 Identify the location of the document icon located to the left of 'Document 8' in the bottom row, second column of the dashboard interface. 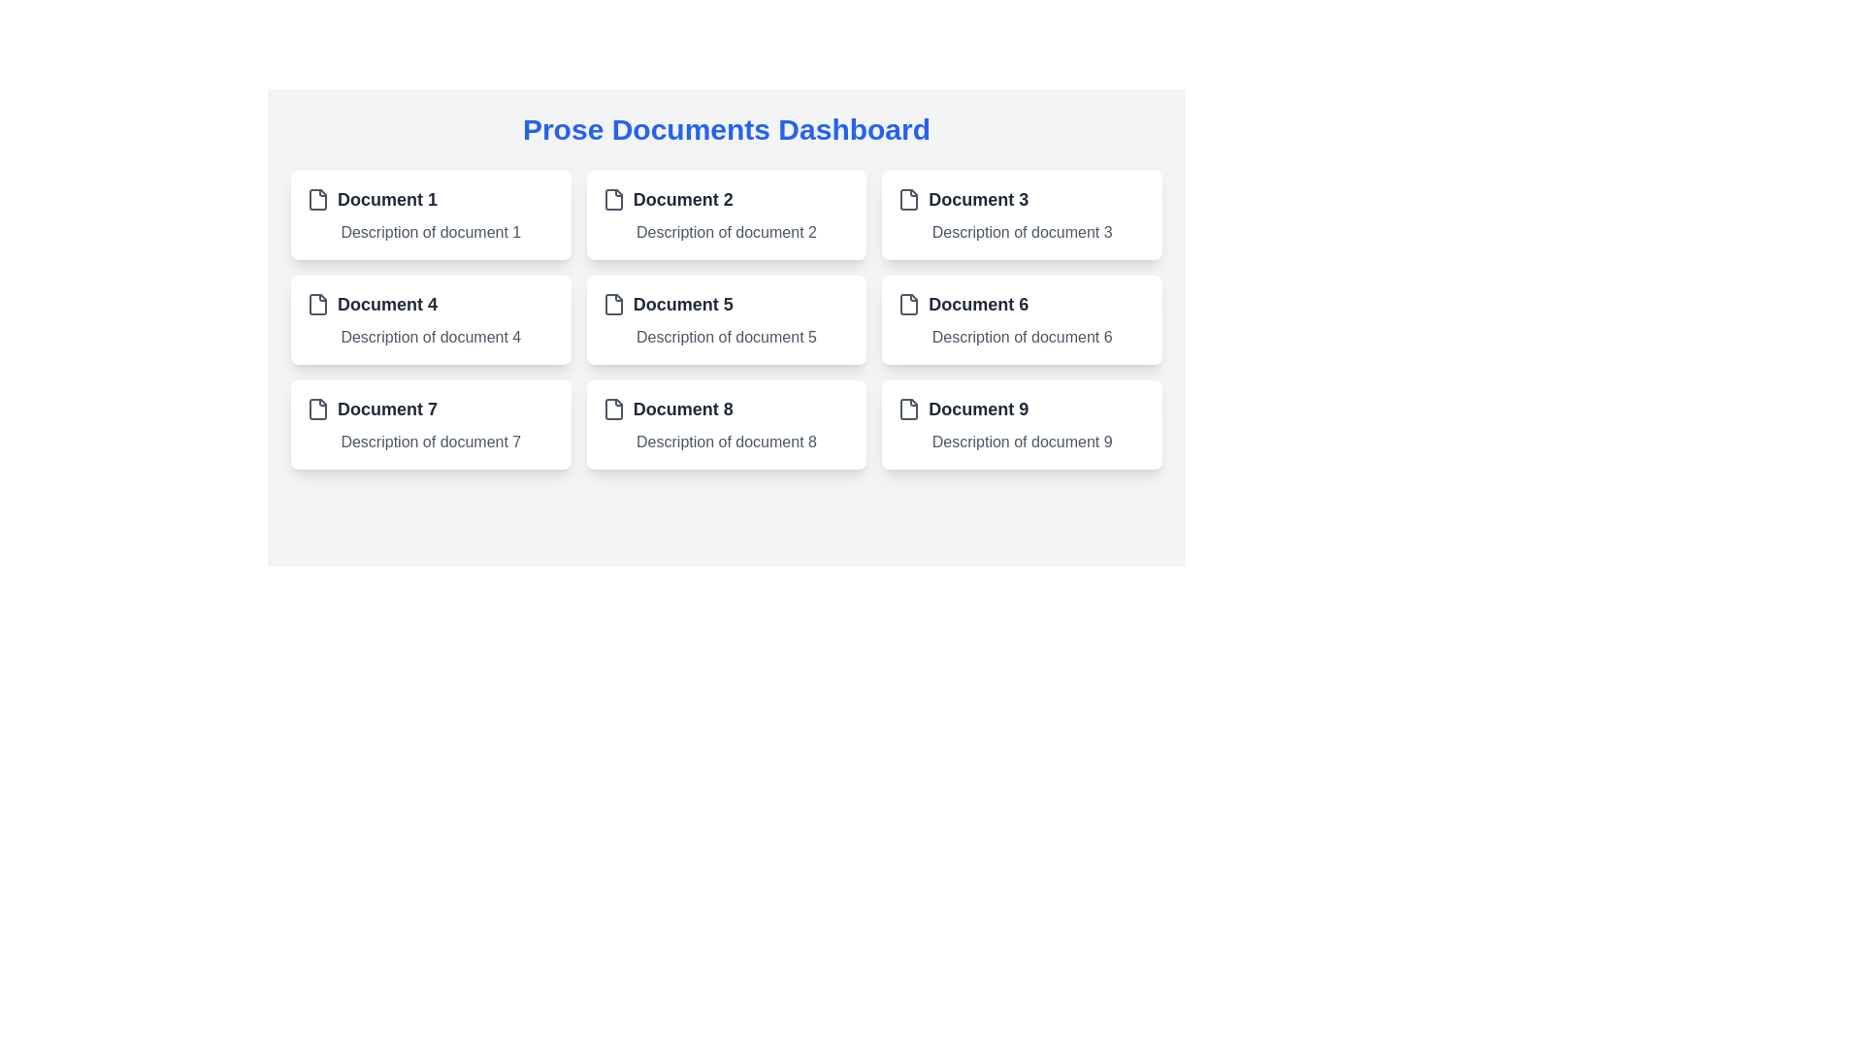
(612, 408).